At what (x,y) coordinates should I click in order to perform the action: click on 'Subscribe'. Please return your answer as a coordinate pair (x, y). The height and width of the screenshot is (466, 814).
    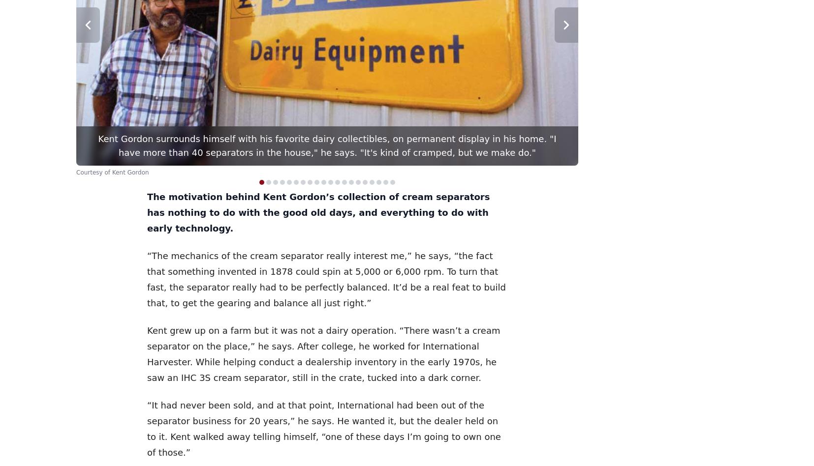
    Looking at the image, I should click on (587, 446).